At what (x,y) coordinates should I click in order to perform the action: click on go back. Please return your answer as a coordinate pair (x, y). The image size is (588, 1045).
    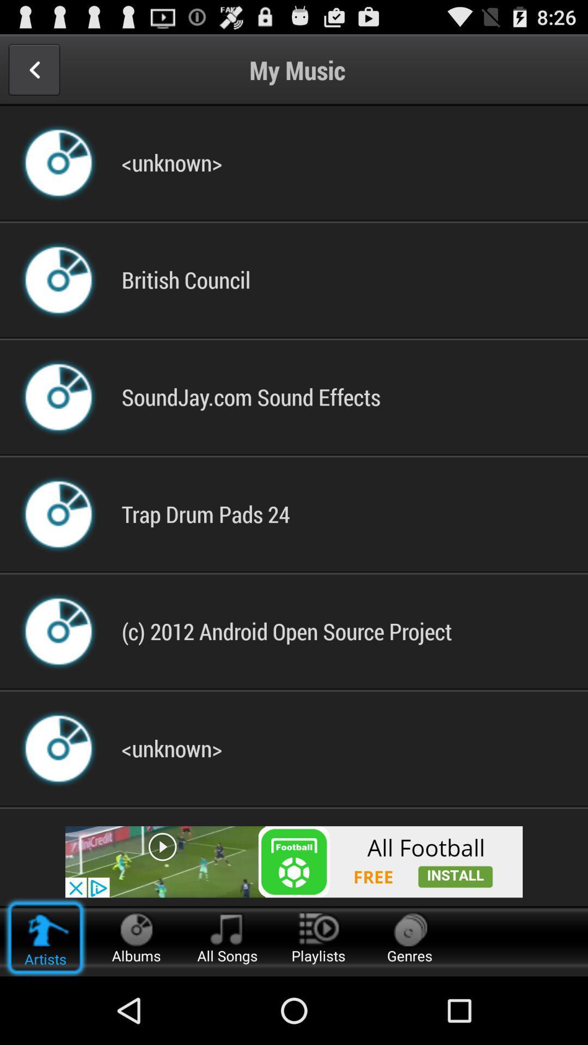
    Looking at the image, I should click on (33, 69).